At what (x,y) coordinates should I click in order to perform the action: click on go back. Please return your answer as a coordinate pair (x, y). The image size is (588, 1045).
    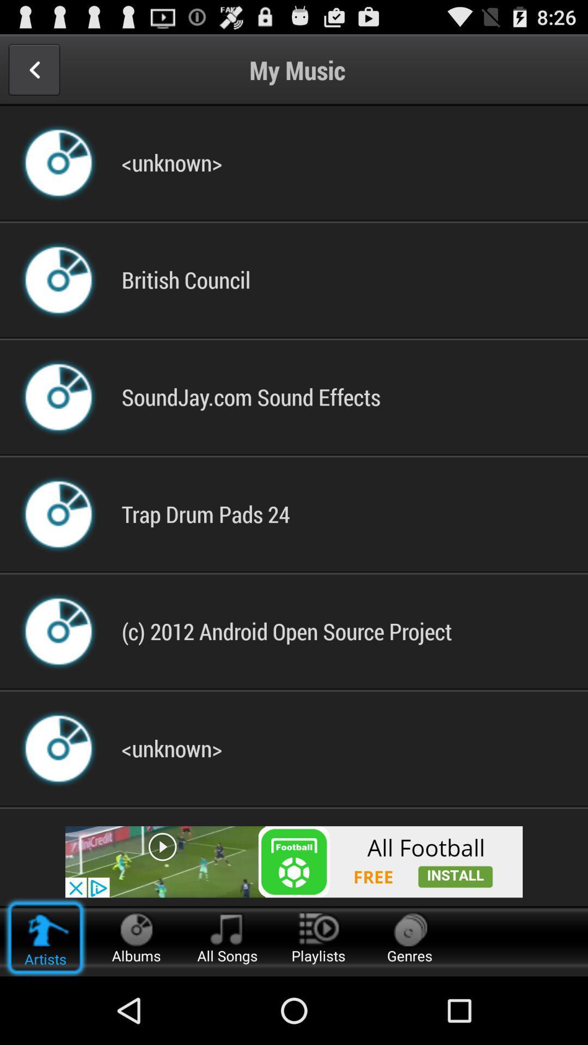
    Looking at the image, I should click on (33, 69).